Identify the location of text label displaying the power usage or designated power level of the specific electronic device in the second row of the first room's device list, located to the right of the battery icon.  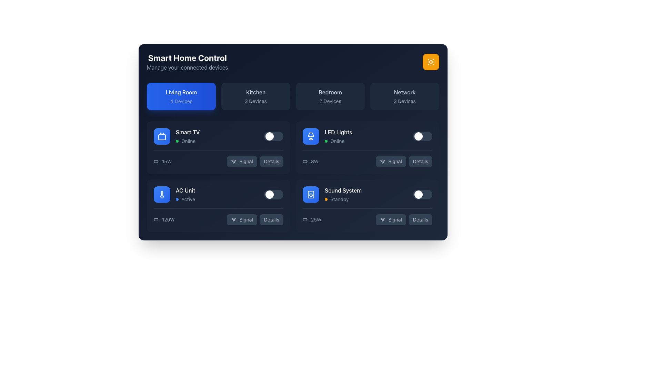
(167, 162).